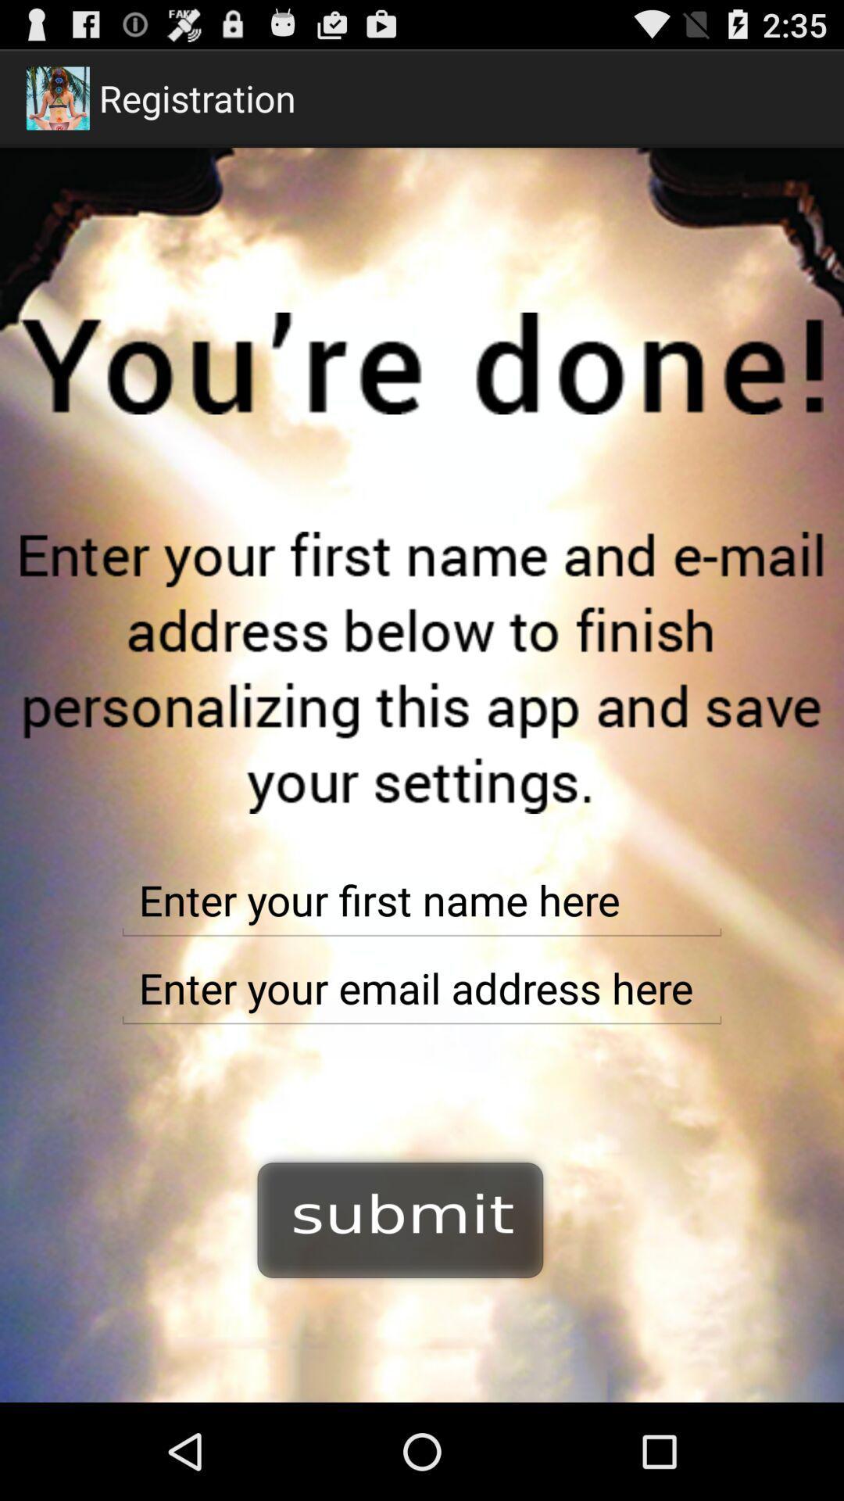 This screenshot has height=1501, width=844. I want to click on submit box, so click(400, 1217).